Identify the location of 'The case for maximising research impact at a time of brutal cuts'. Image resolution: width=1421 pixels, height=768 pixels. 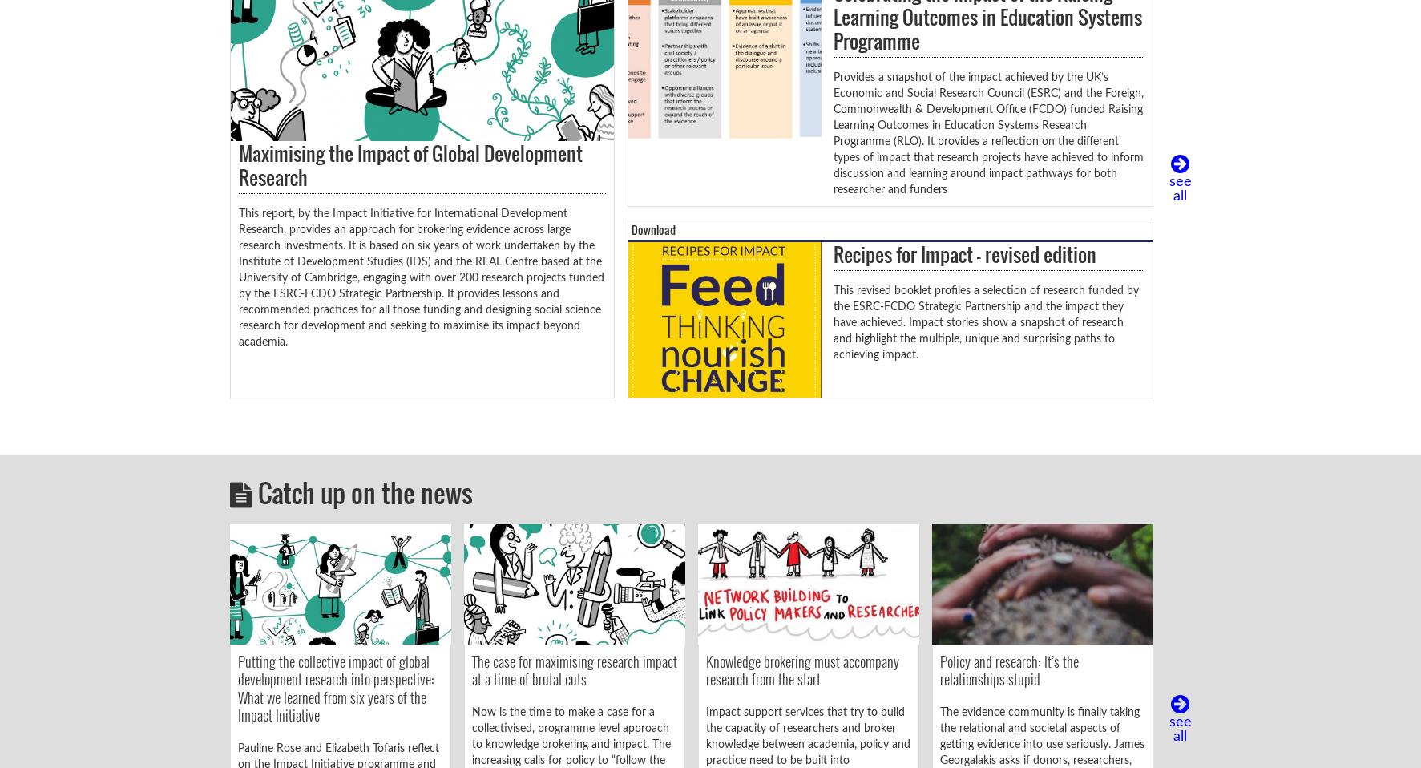
(573, 669).